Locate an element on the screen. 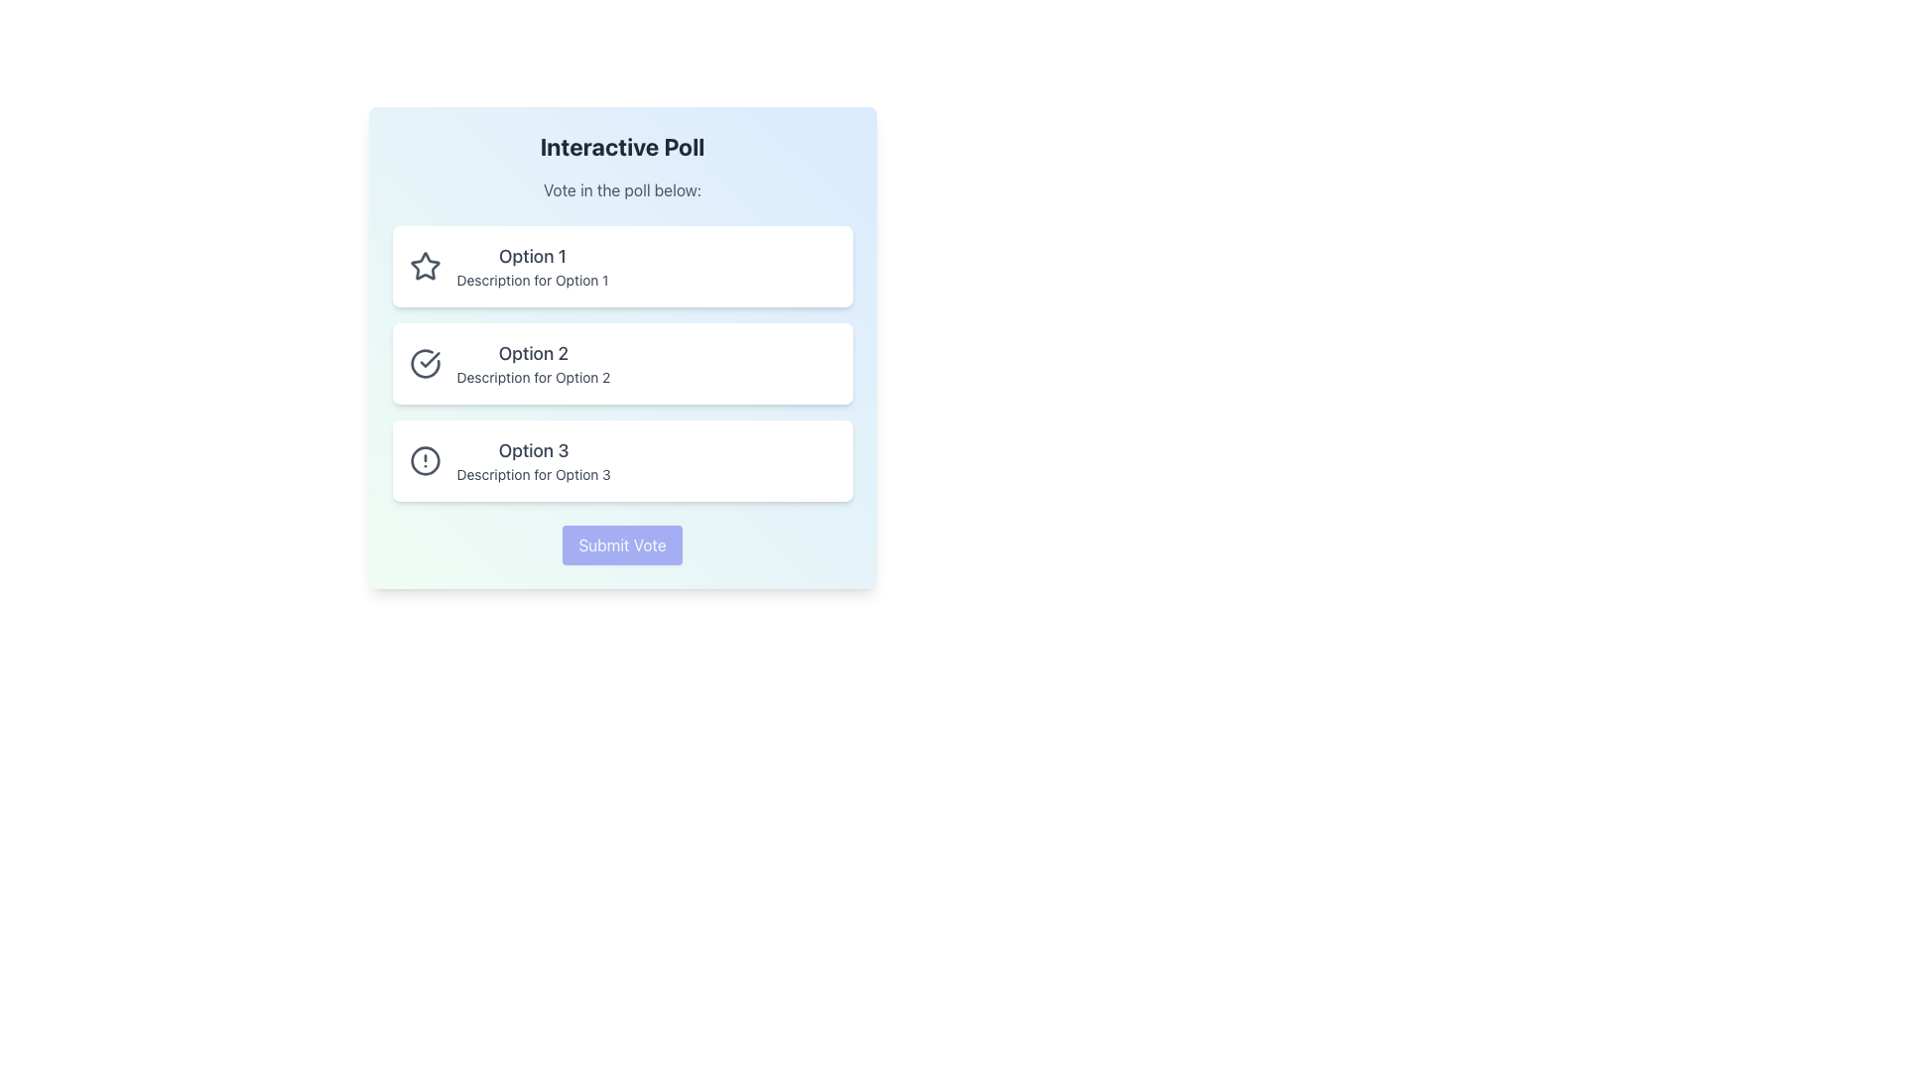  the 'Interactive Poll' text label, which is a bold, large-sized title in dark gray color, centrally aligned at the top of the card interface is located at coordinates (621, 145).